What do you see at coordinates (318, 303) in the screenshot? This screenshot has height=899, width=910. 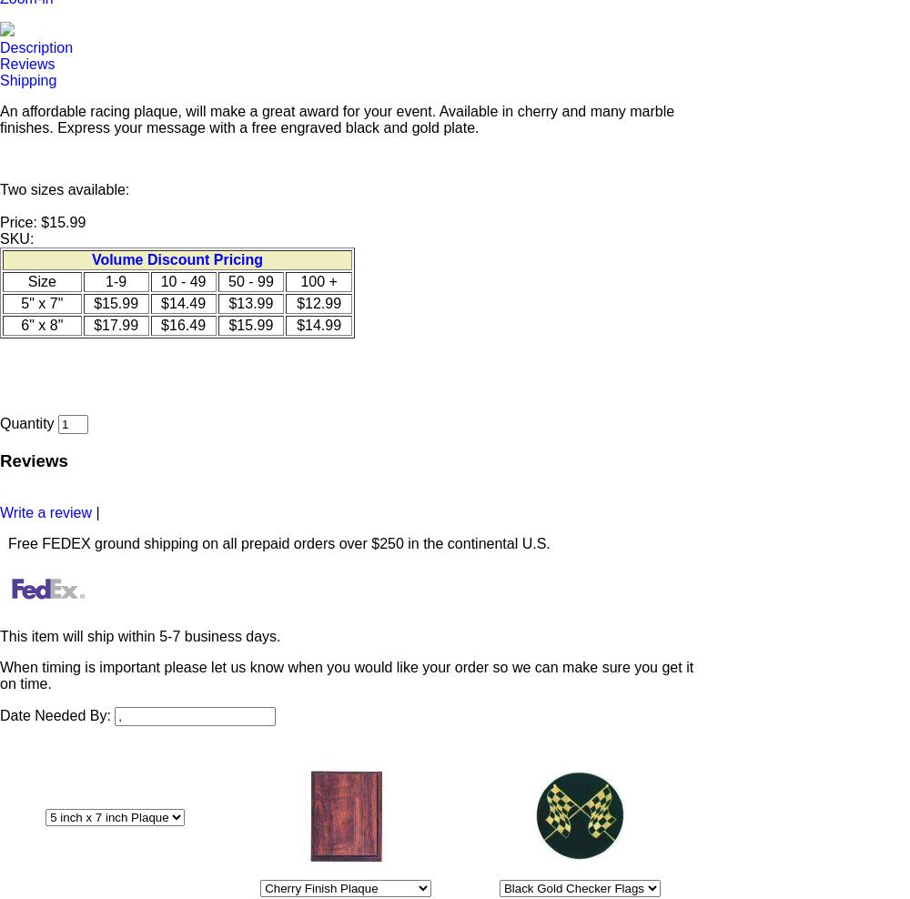 I see `'$12.99'` at bounding box center [318, 303].